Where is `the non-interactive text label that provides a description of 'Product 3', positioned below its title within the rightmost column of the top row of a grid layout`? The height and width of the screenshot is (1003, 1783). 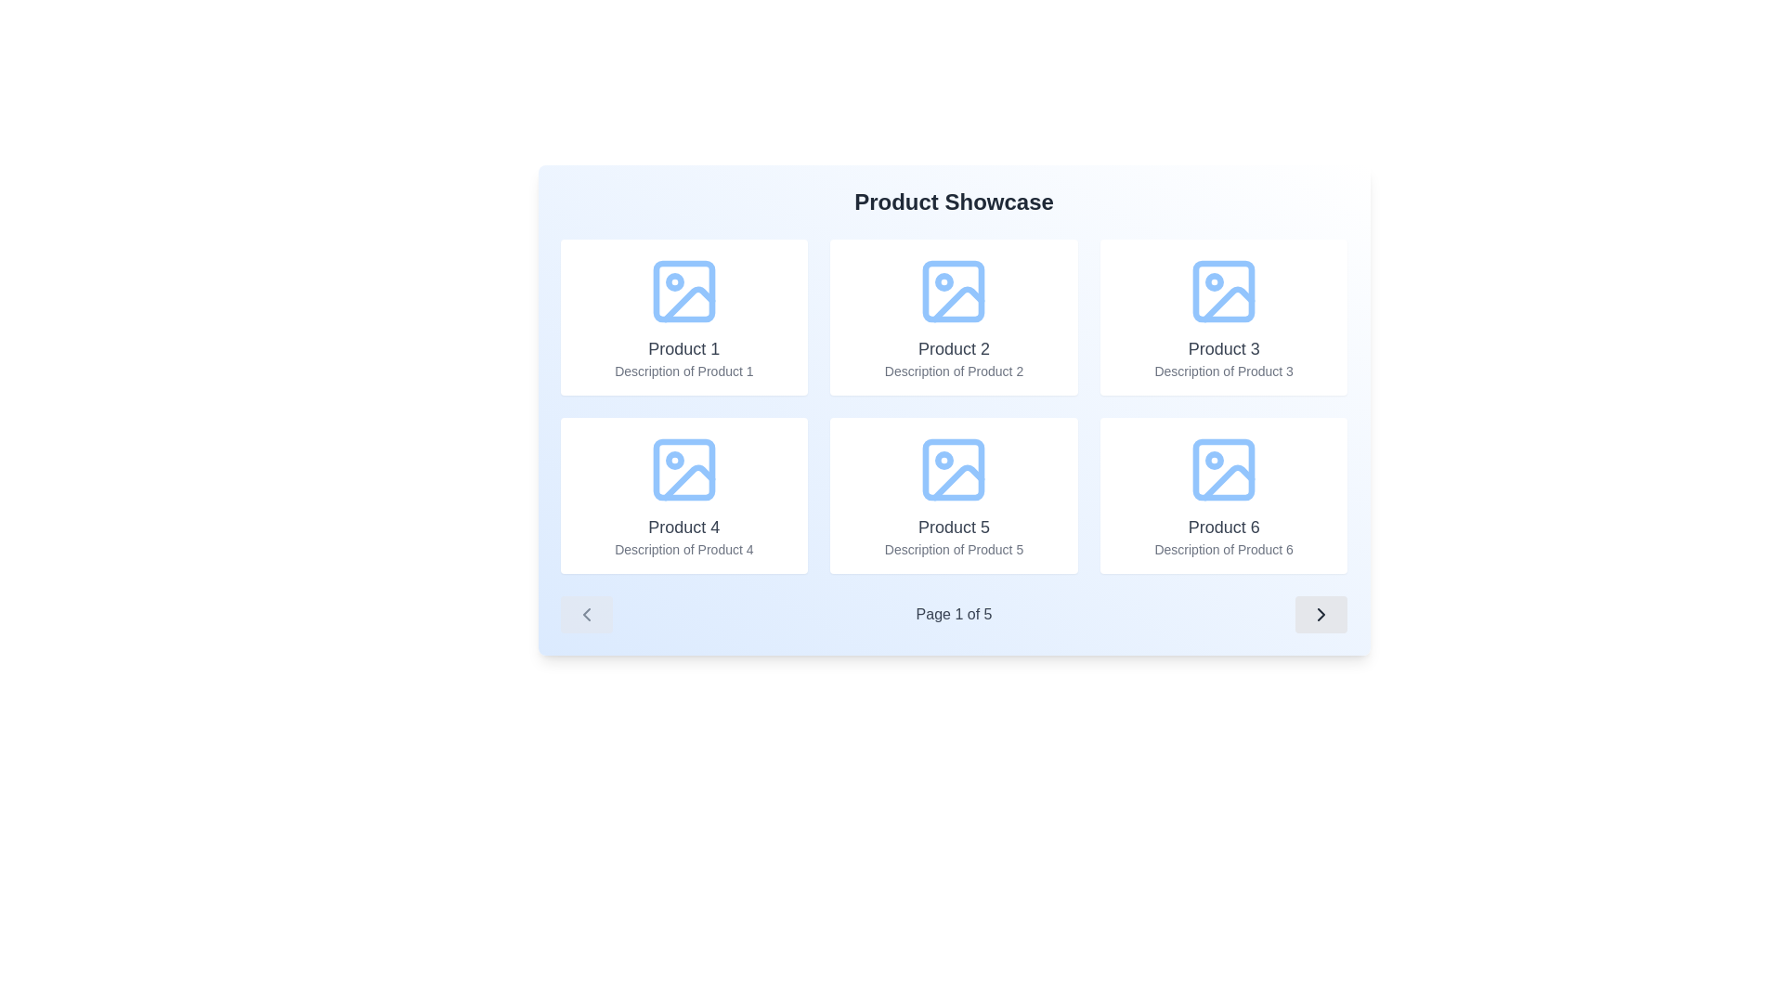
the non-interactive text label that provides a description of 'Product 3', positioned below its title within the rightmost column of the top row of a grid layout is located at coordinates (1224, 371).